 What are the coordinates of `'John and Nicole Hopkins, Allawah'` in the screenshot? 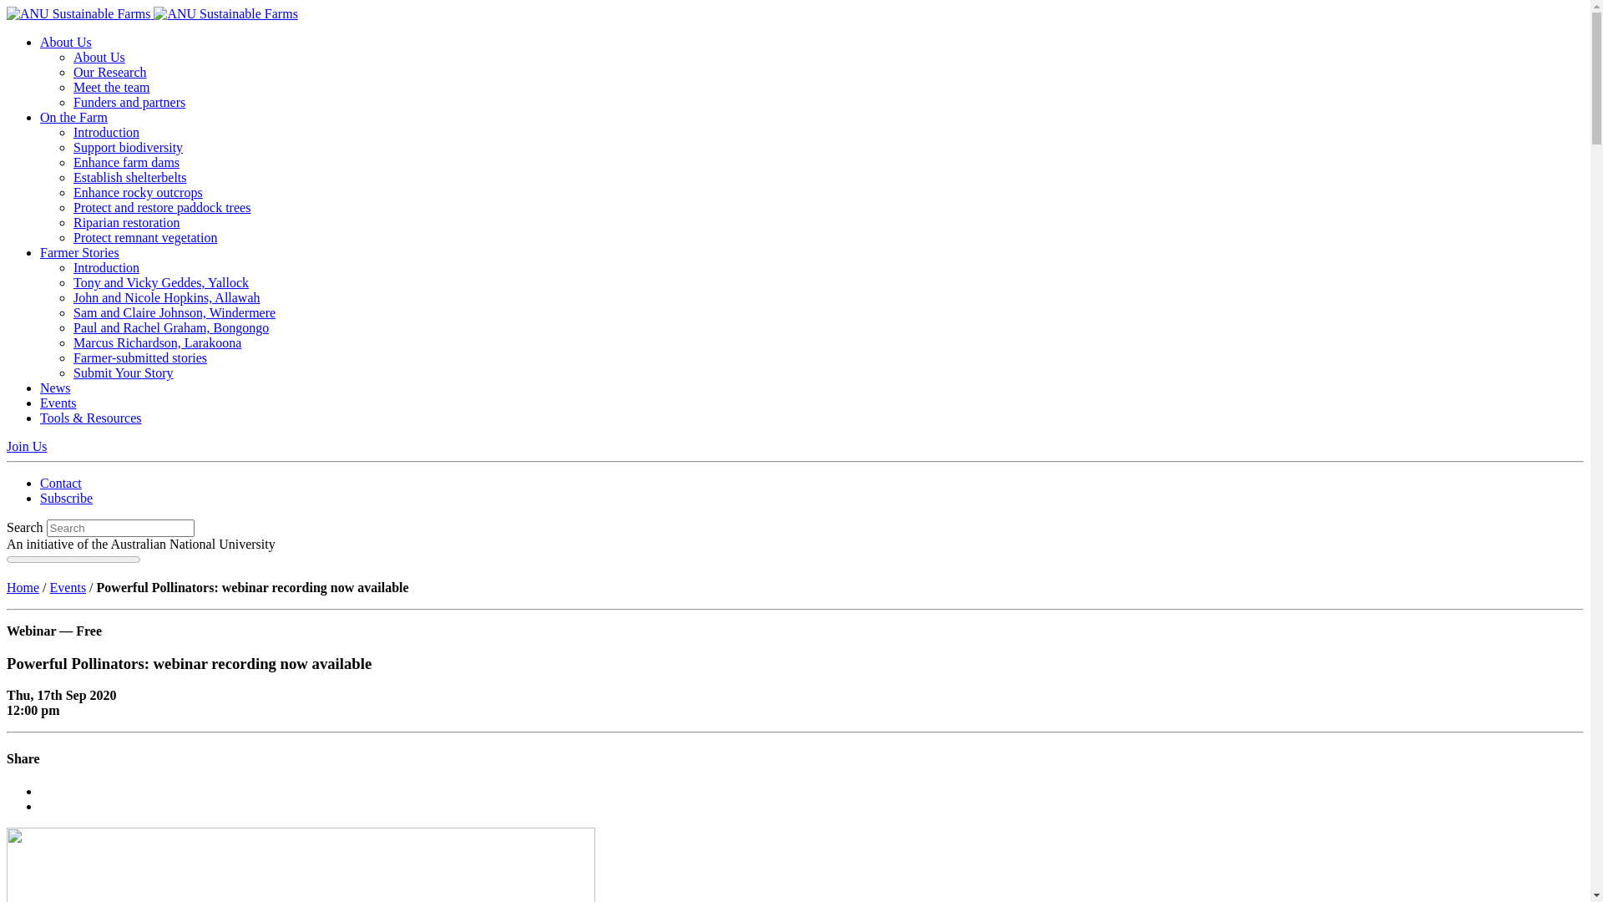 It's located at (167, 296).